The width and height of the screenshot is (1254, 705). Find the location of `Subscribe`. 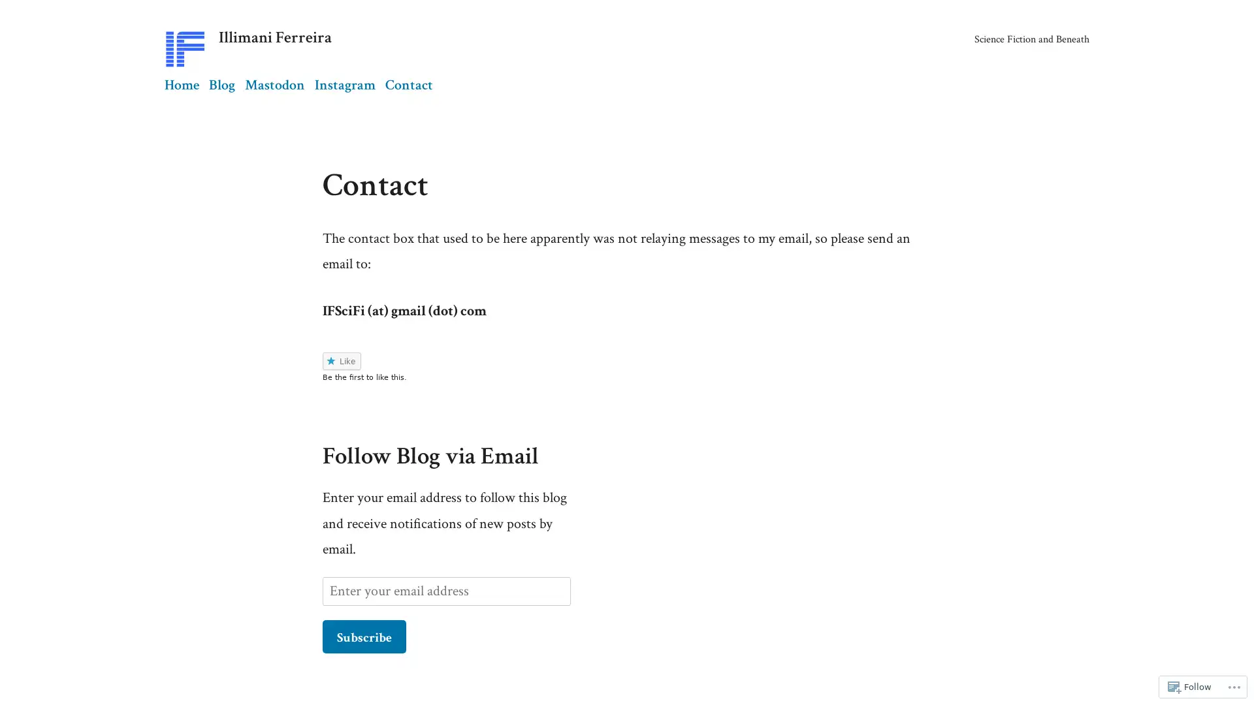

Subscribe is located at coordinates (364, 635).